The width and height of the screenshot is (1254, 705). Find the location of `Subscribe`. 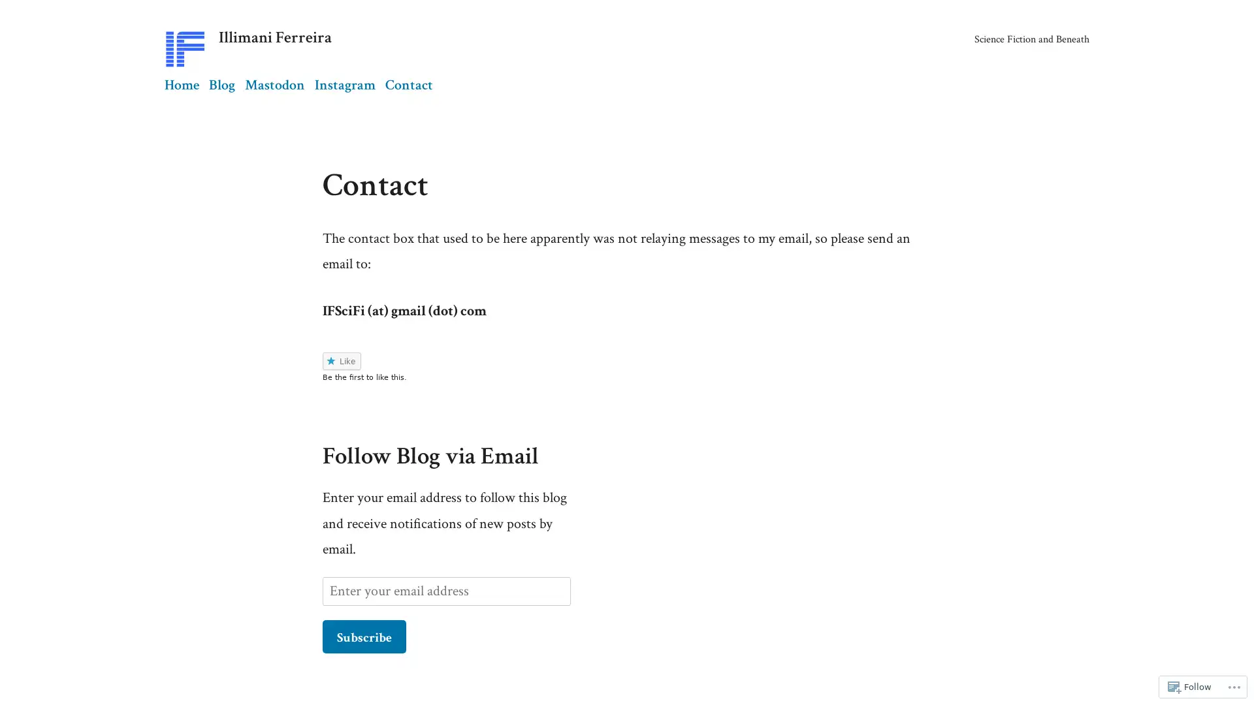

Subscribe is located at coordinates (364, 635).